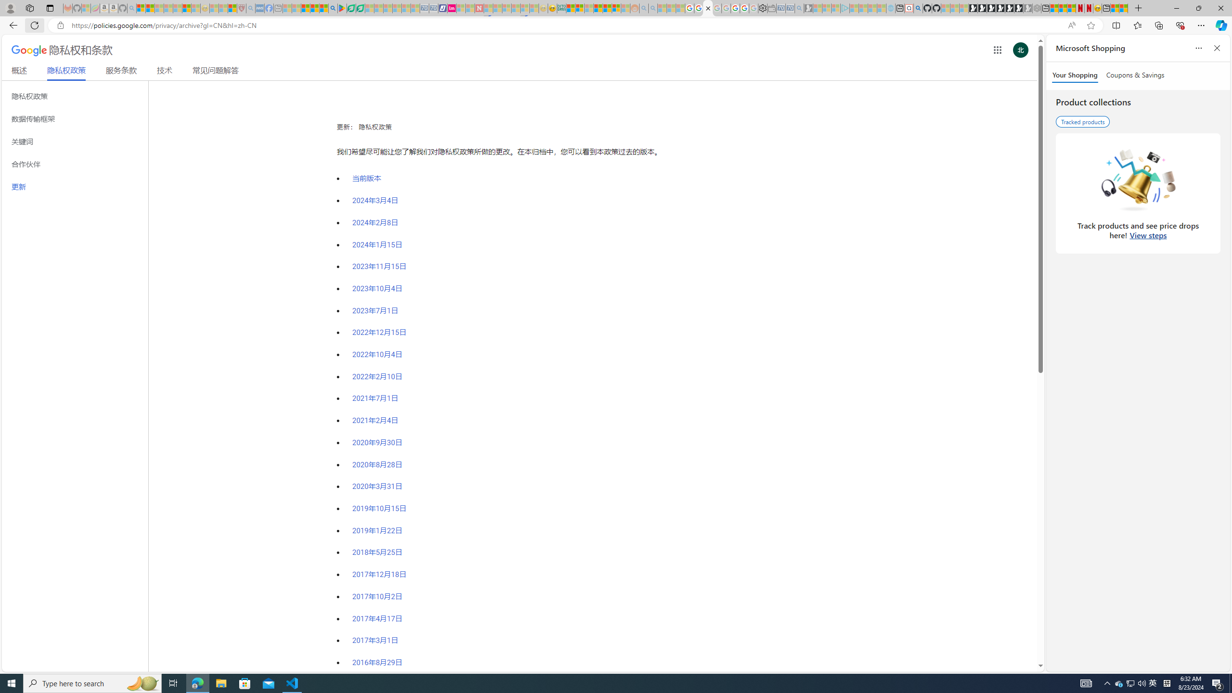 The image size is (1232, 693). I want to click on 'Bluey: Let', so click(342, 8).